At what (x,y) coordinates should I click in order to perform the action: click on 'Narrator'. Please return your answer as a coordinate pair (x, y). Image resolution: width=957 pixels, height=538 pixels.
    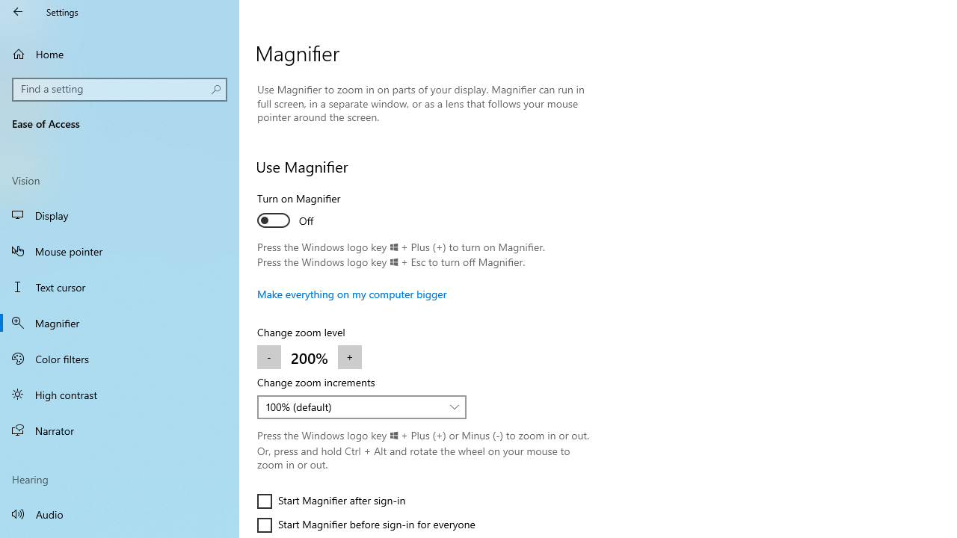
    Looking at the image, I should click on (120, 430).